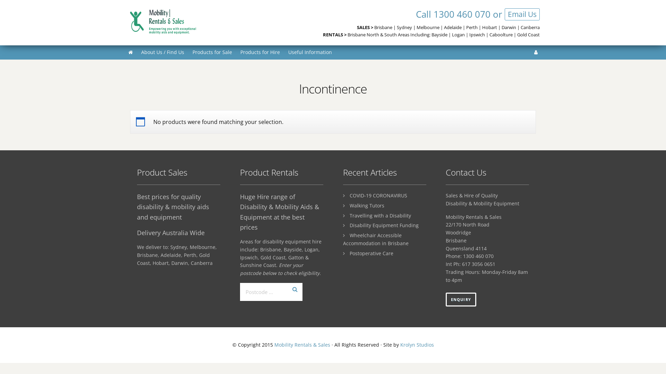  Describe the element at coordinates (212, 52) in the screenshot. I see `'Products for Sale'` at that location.